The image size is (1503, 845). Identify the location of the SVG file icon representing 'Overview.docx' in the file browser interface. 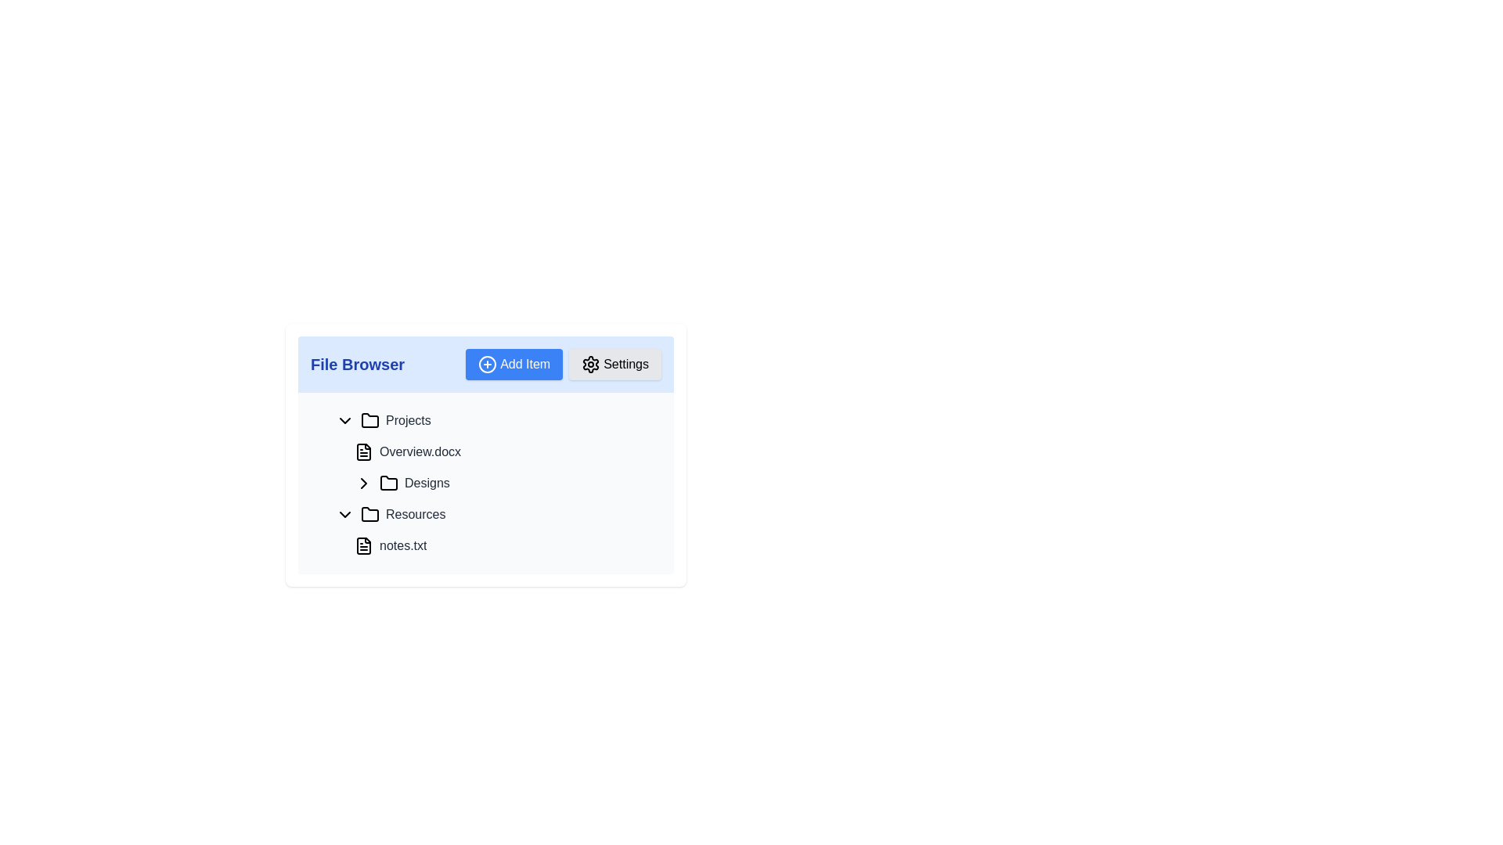
(363, 452).